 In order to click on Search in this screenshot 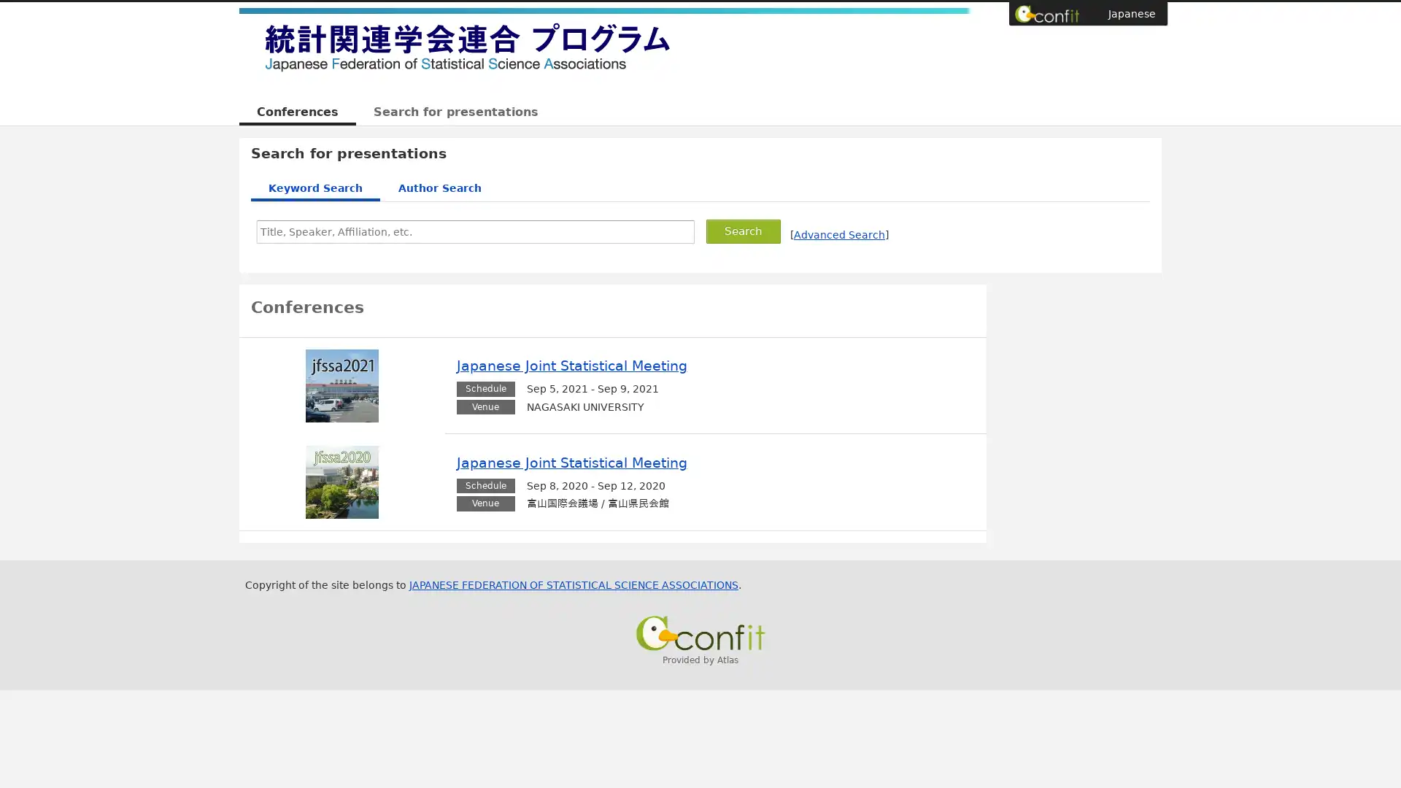, I will do `click(743, 230)`.